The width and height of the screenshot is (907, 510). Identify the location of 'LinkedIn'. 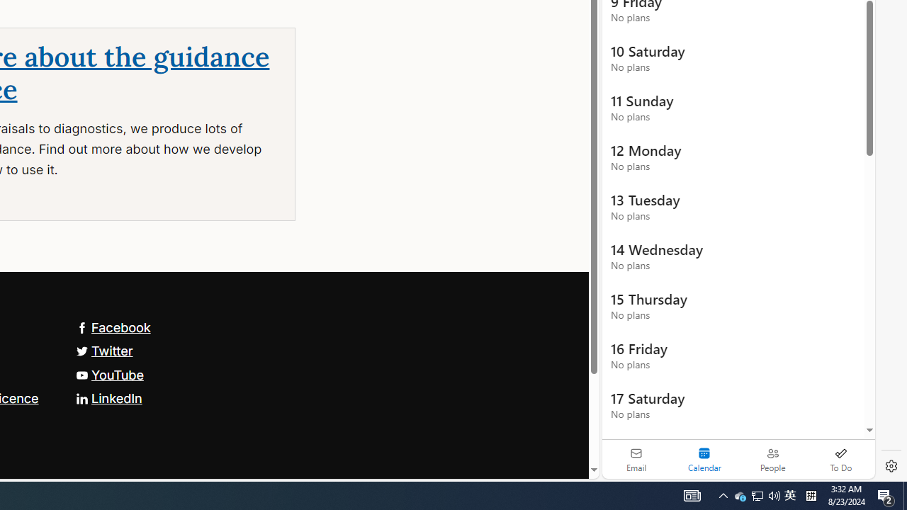
(108, 397).